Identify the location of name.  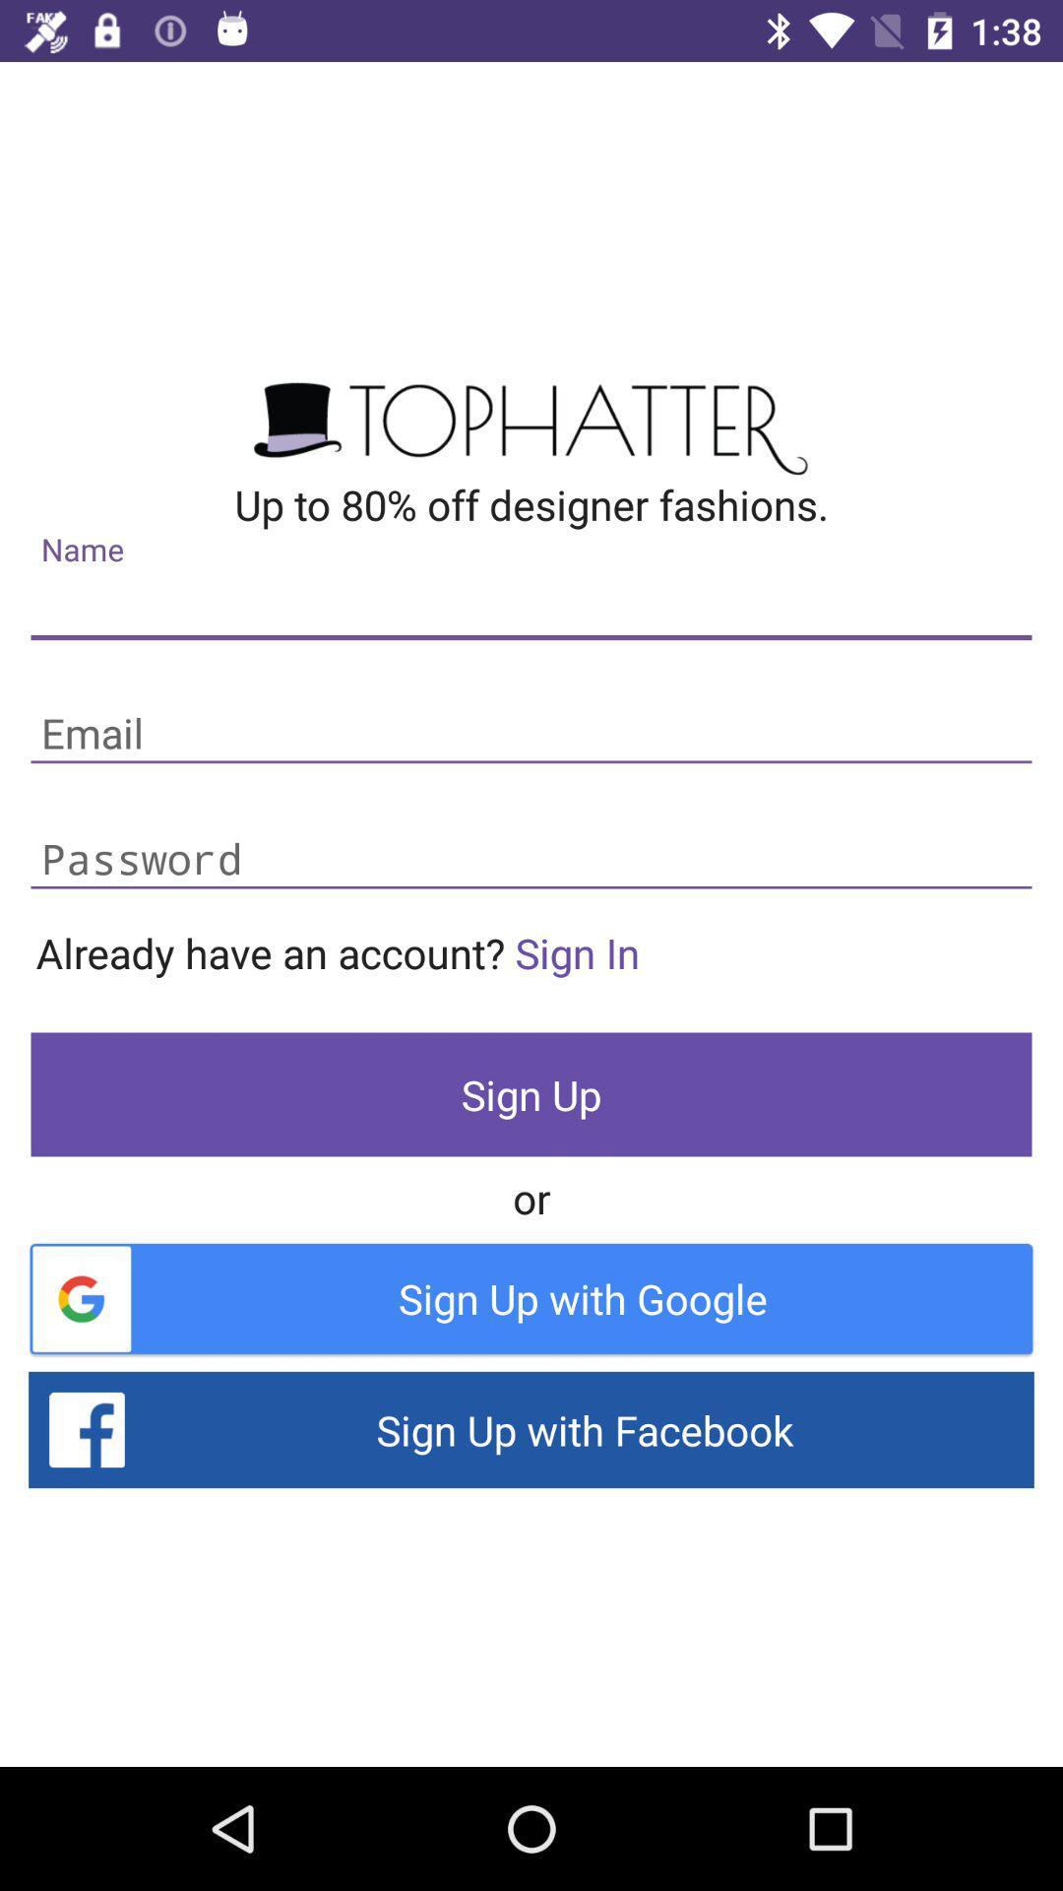
(531, 608).